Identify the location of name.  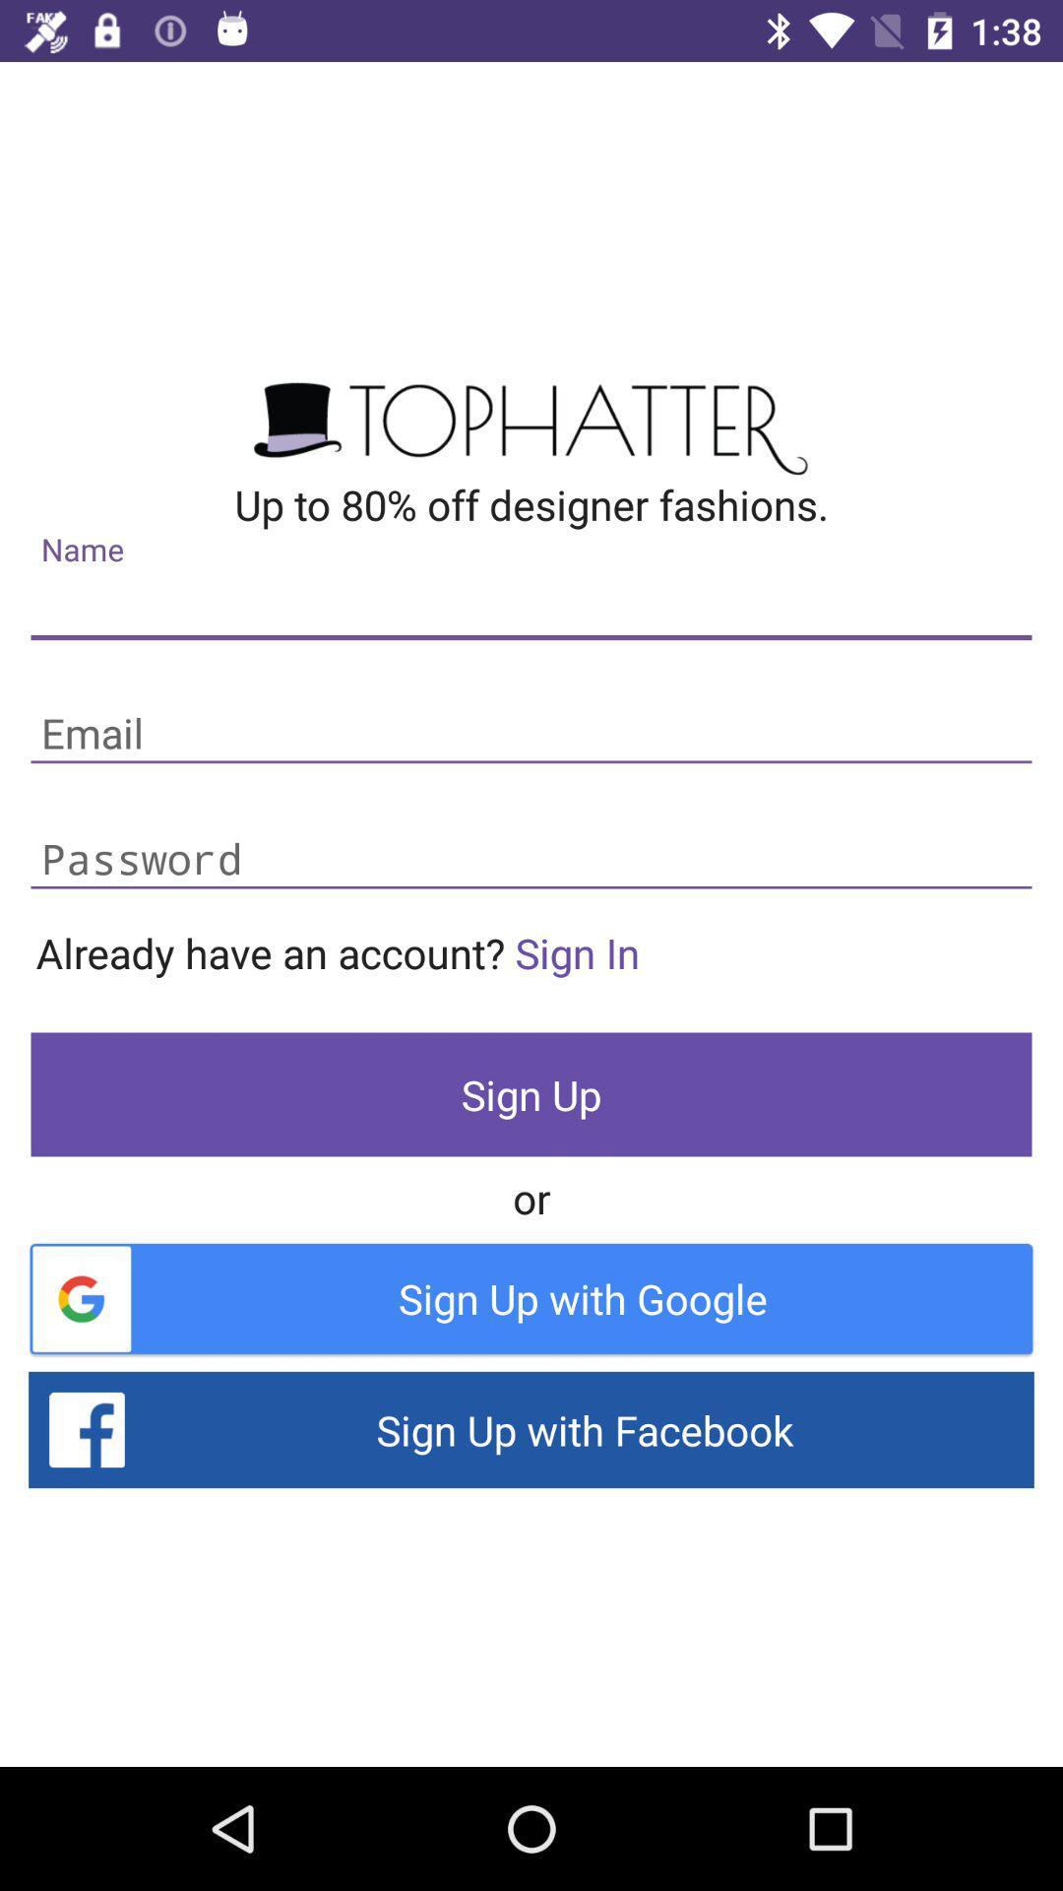
(531, 608).